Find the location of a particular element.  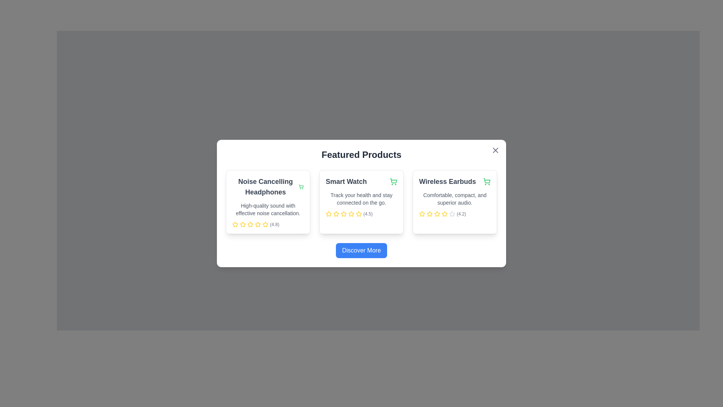

the third star in the five-star rating system located beneath the 'Smart Watch' product card in the 'Featured Products' section is located at coordinates (351, 214).